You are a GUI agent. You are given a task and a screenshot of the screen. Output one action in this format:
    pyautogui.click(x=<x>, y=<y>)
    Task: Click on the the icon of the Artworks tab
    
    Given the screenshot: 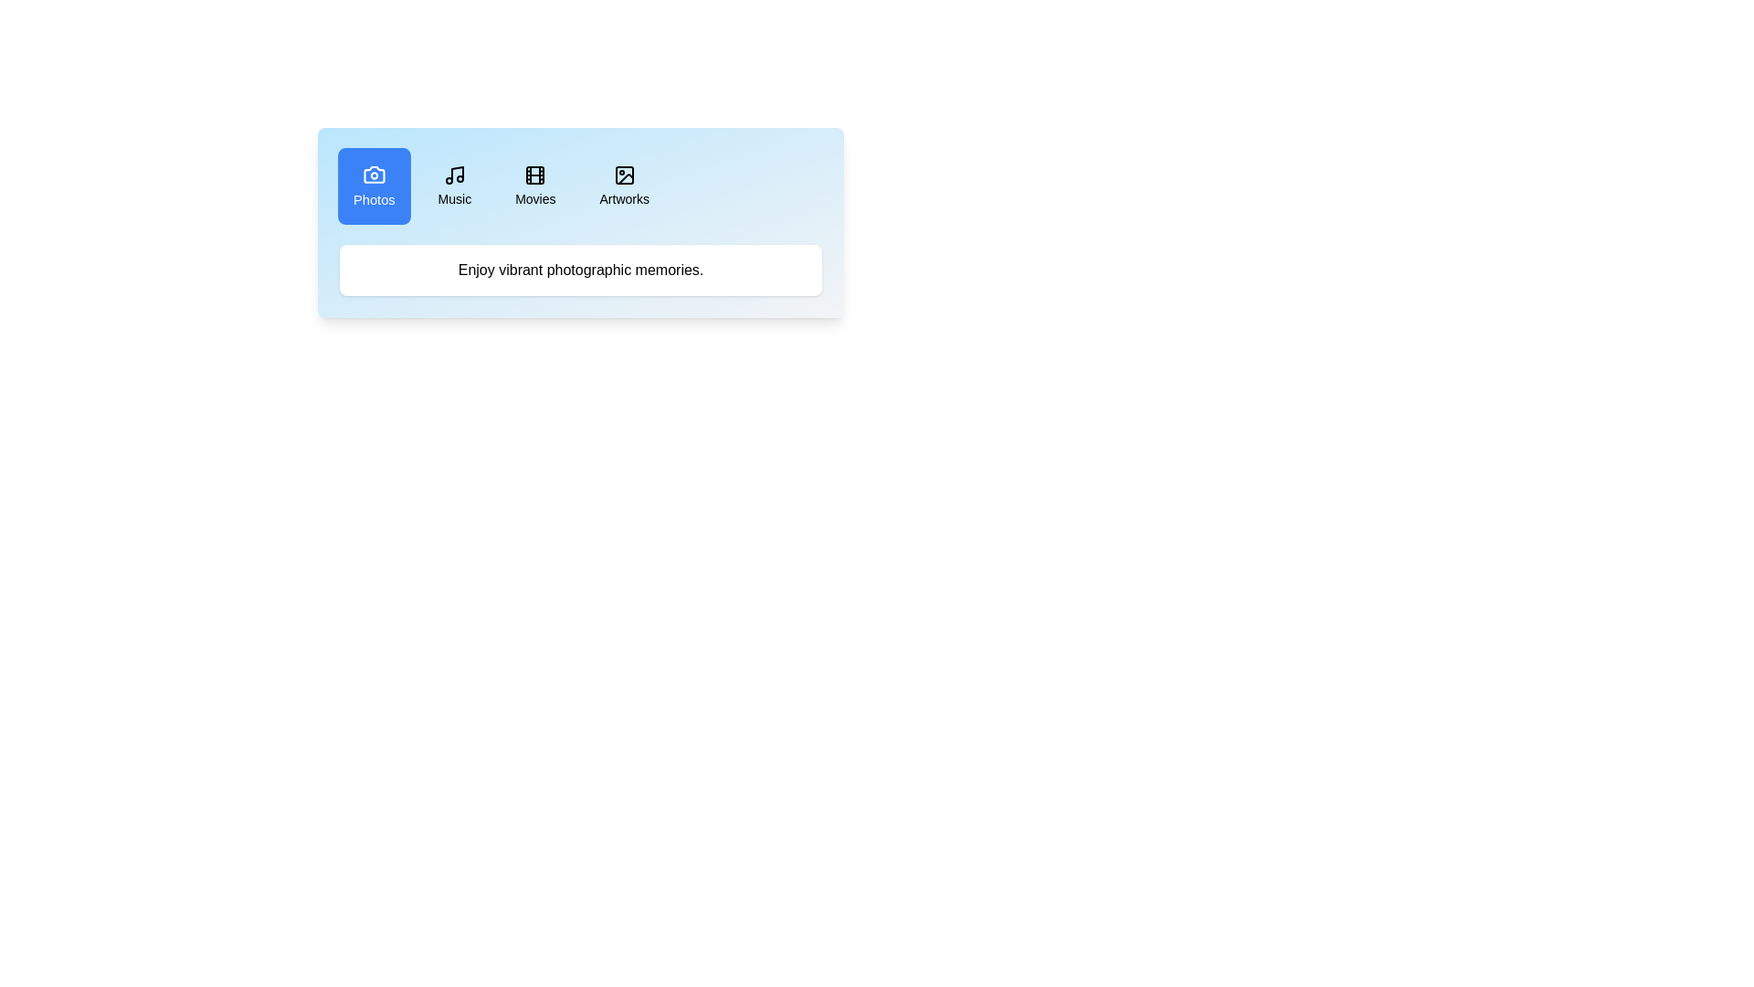 What is the action you would take?
    pyautogui.click(x=624, y=175)
    